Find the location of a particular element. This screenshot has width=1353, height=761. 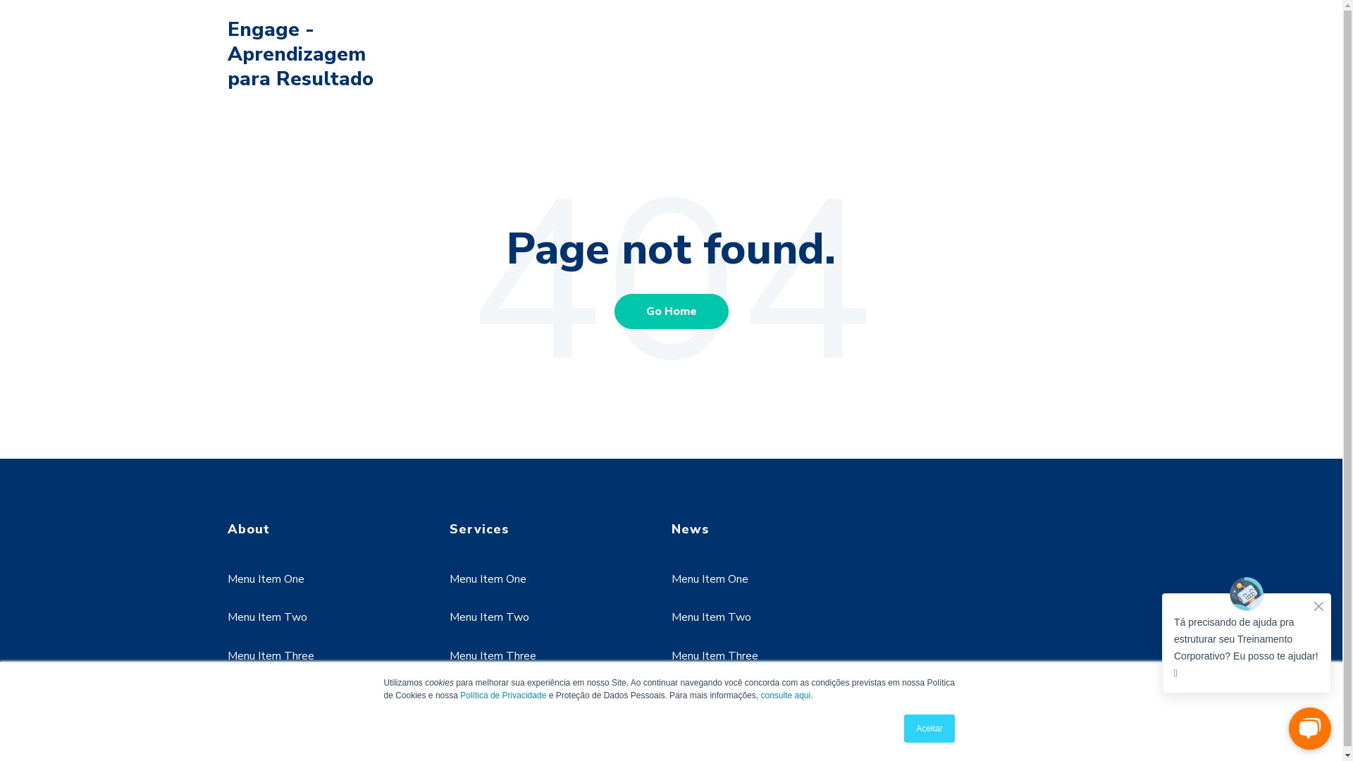

'consulte aqui' is located at coordinates (760, 695).